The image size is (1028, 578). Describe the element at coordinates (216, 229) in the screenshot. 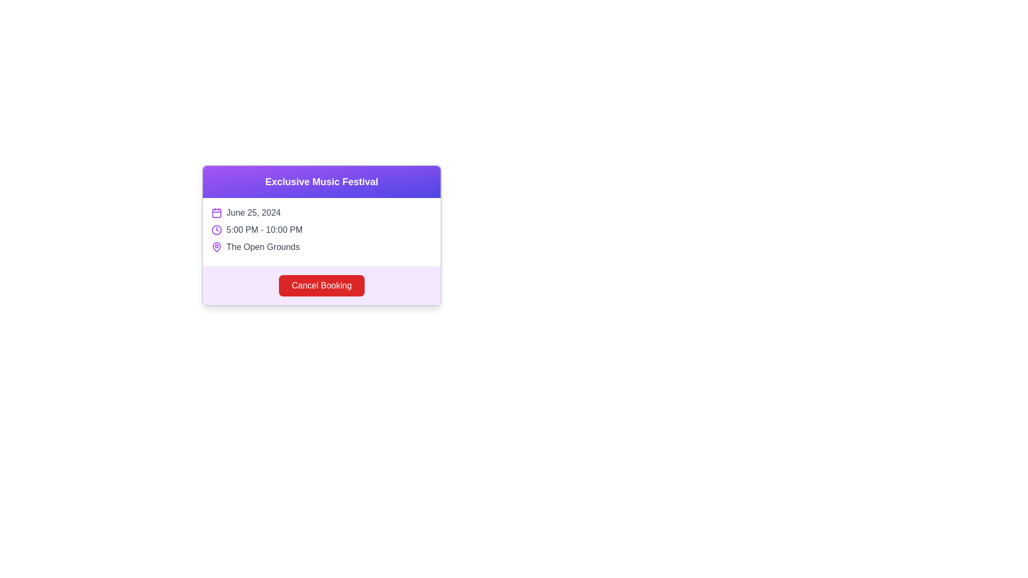

I see `the icon located to the left of the time range text '5:00 PM - 10:00 PM' in the exclusive music festival information panel` at that location.